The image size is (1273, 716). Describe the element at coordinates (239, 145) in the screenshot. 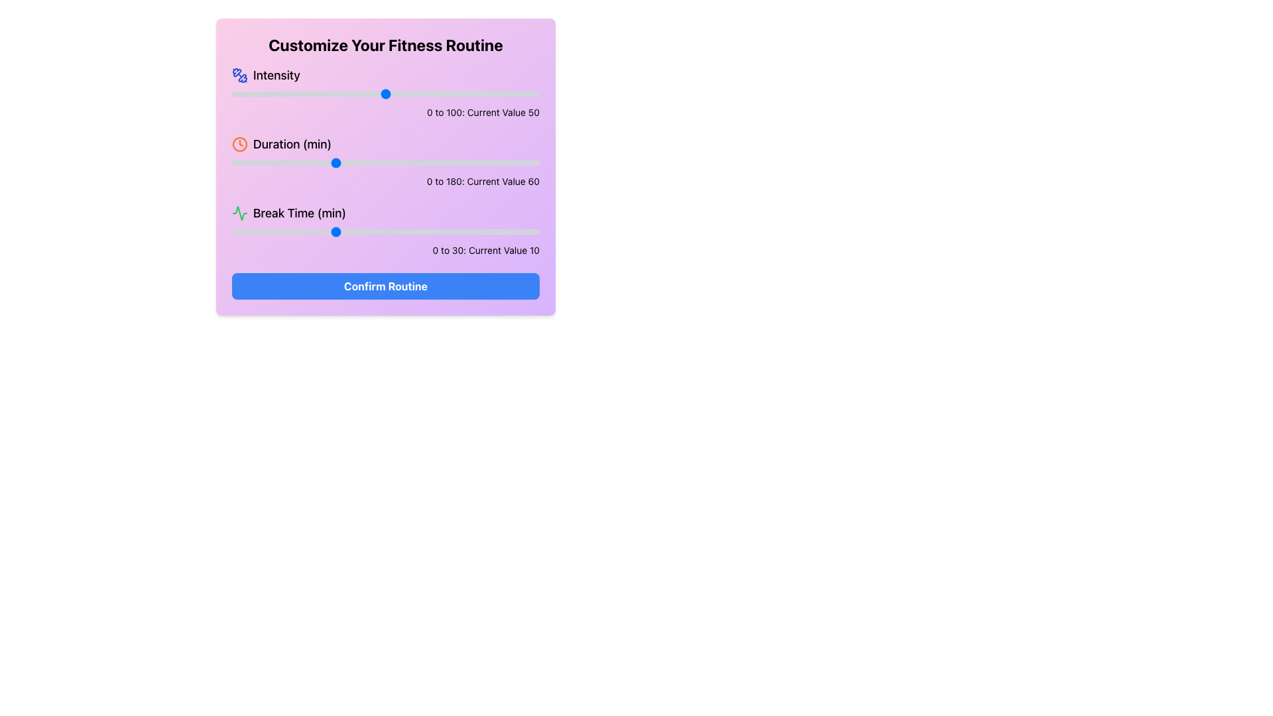

I see `the circular inner portion of the clock icon, which visually represents the concept of time and is located on the left side of the 'Duration (min)' row` at that location.